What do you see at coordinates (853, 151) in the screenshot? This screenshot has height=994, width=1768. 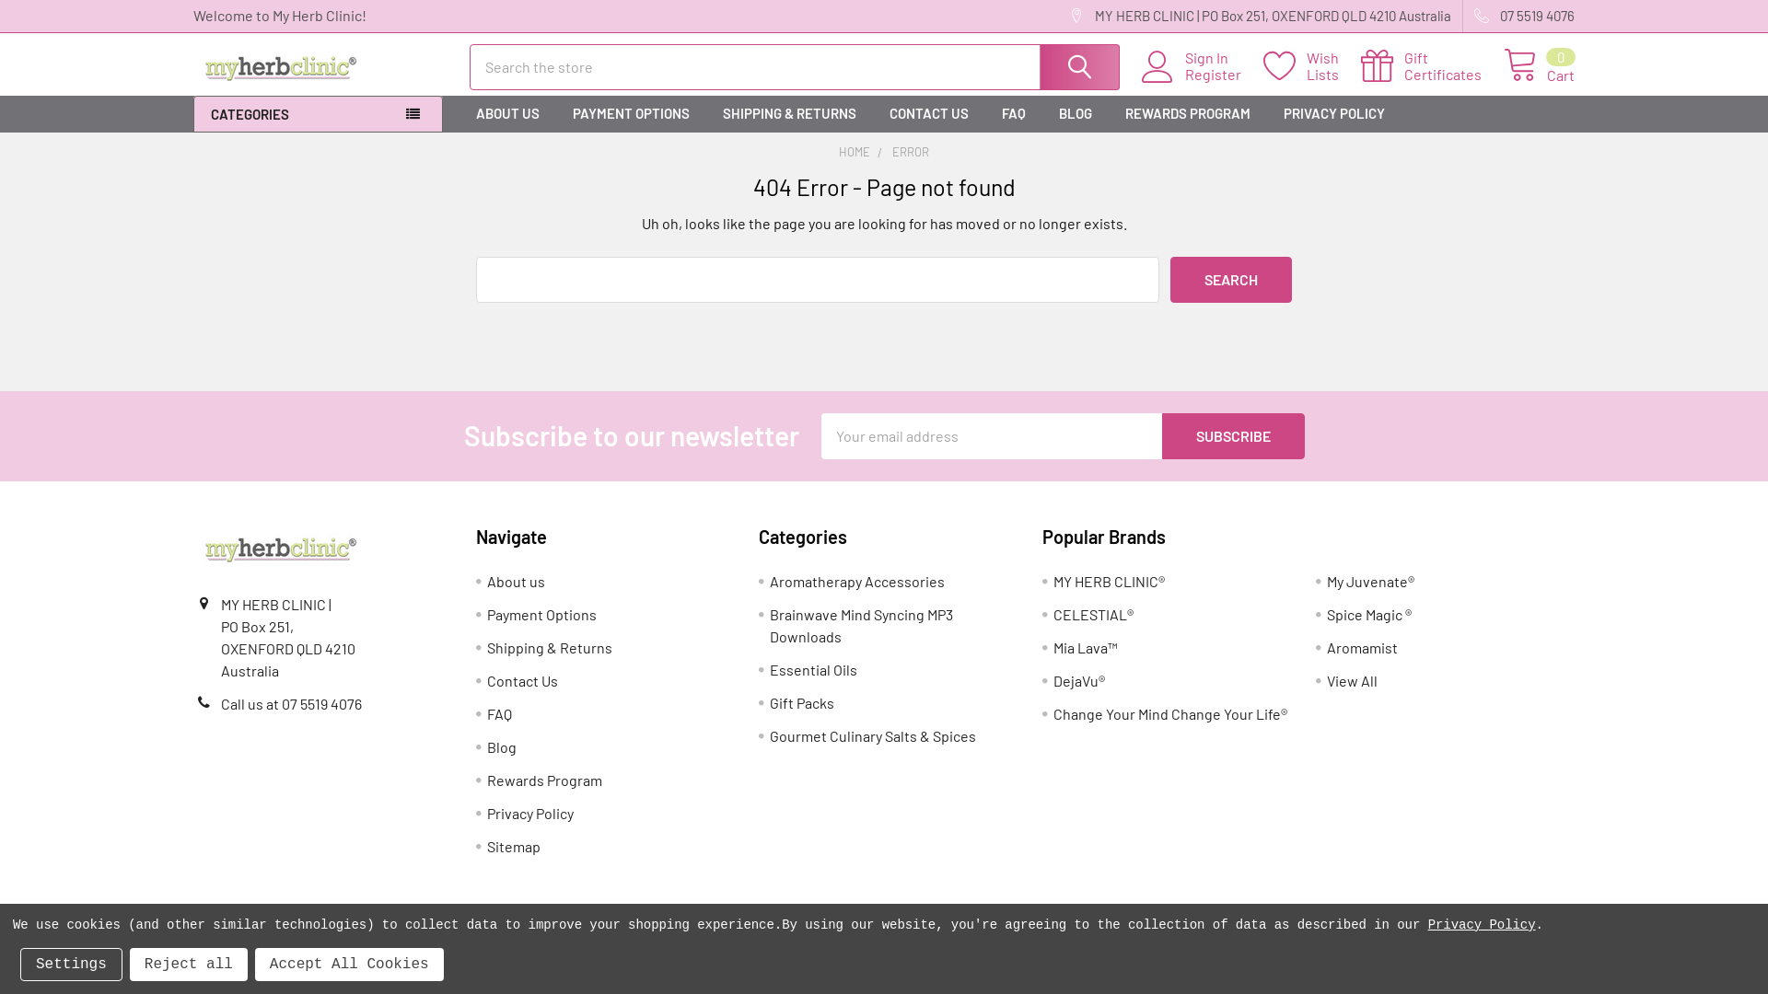 I see `'HOME'` at bounding box center [853, 151].